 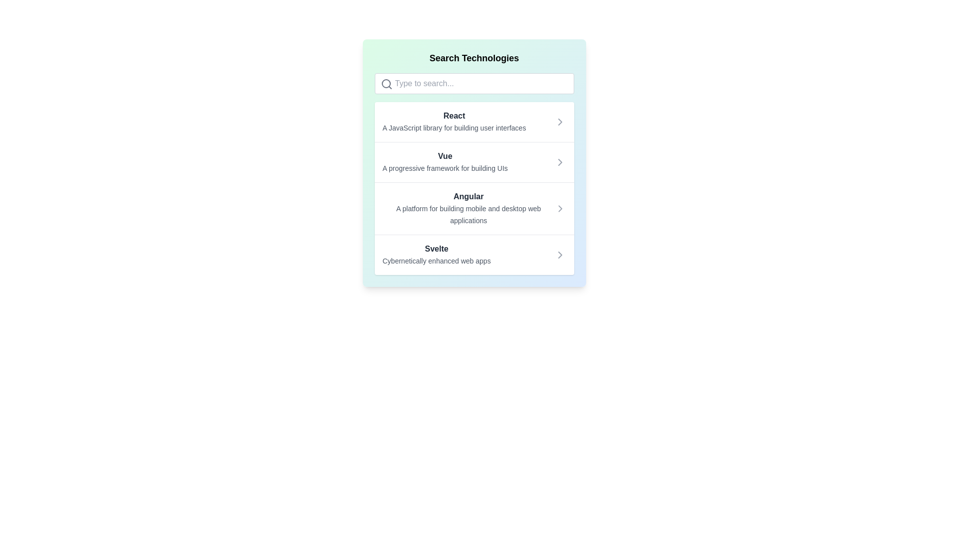 What do you see at coordinates (560, 122) in the screenshot?
I see `the rightward-pointing chevron icon that is part of the 'React' list item, which is located at the right end of the item's alignment` at bounding box center [560, 122].